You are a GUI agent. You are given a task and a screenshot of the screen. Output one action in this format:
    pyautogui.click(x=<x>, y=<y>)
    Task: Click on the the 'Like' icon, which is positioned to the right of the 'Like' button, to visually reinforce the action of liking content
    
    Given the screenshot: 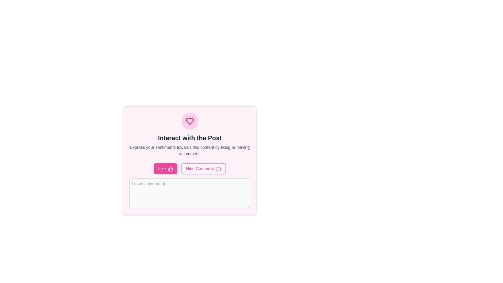 What is the action you would take?
    pyautogui.click(x=170, y=169)
    